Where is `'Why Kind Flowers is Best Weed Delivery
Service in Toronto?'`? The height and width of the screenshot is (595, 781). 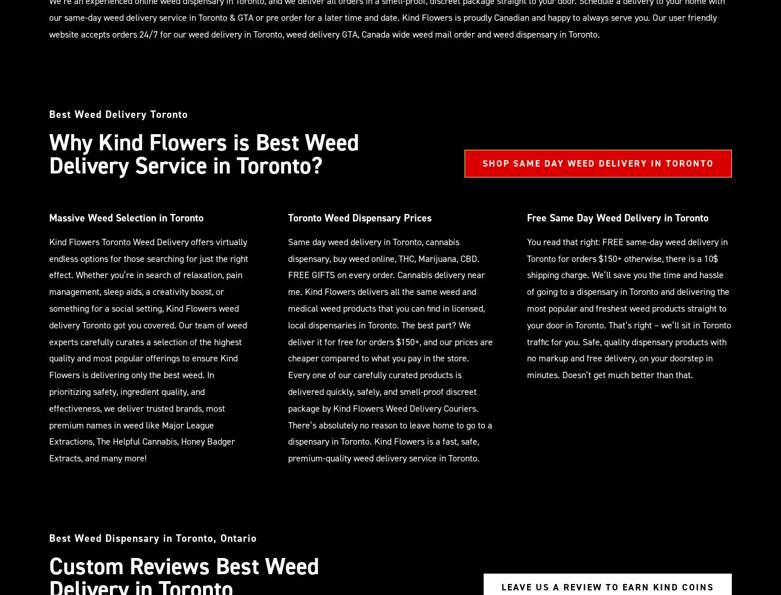
'Why Kind Flowers is Best Weed Delivery
Service in Toronto?' is located at coordinates (204, 153).